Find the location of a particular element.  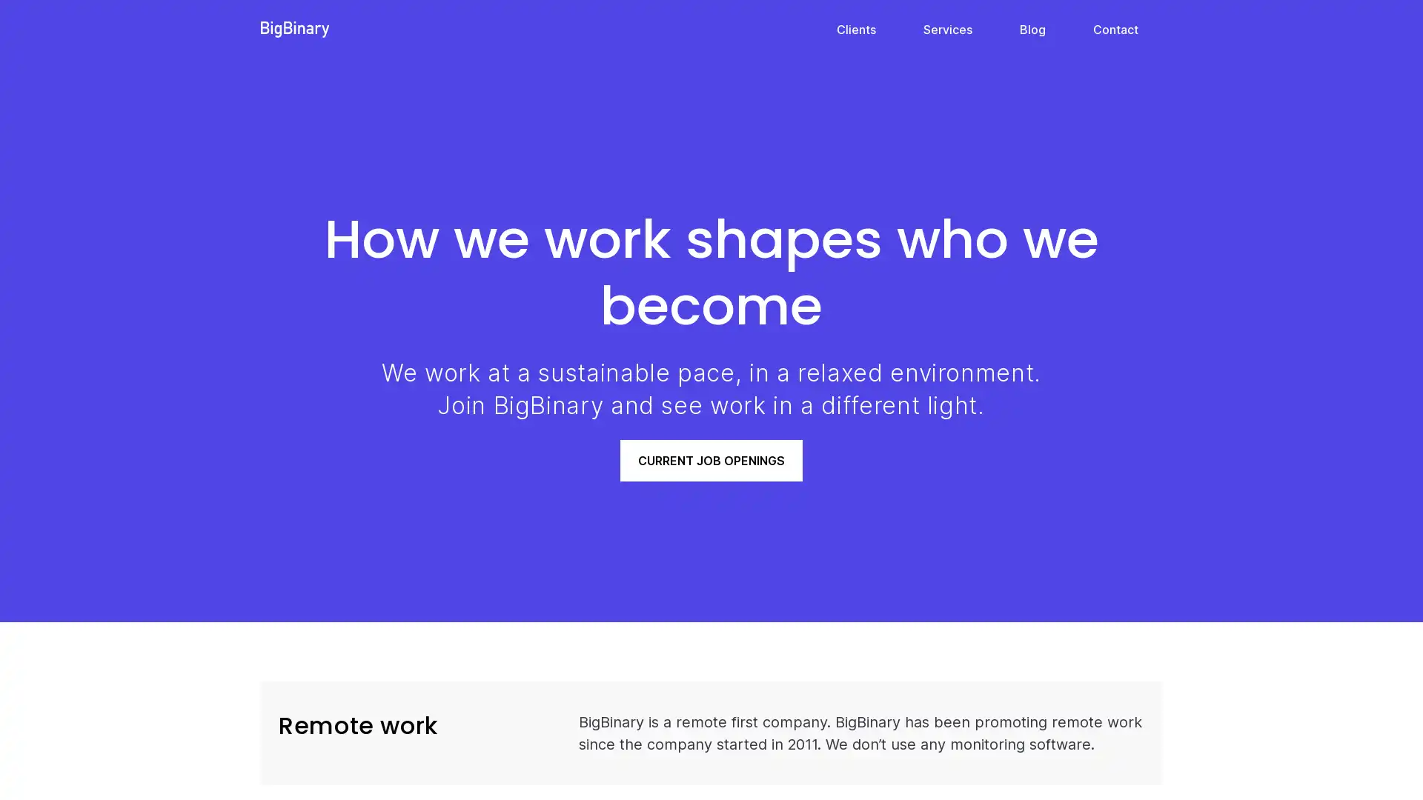

CURRENT JOB OPENINGS is located at coordinates (711, 459).